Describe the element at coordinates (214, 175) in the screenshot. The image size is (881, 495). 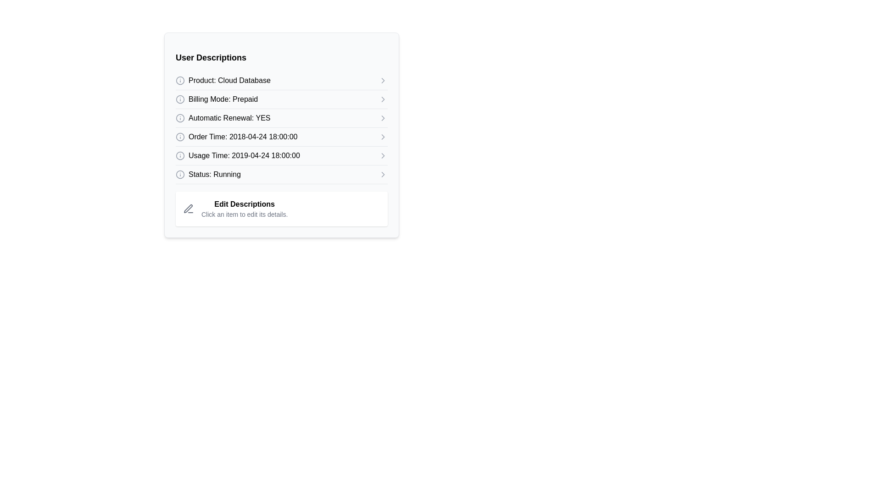
I see `the 'Status: Running' text label` at that location.